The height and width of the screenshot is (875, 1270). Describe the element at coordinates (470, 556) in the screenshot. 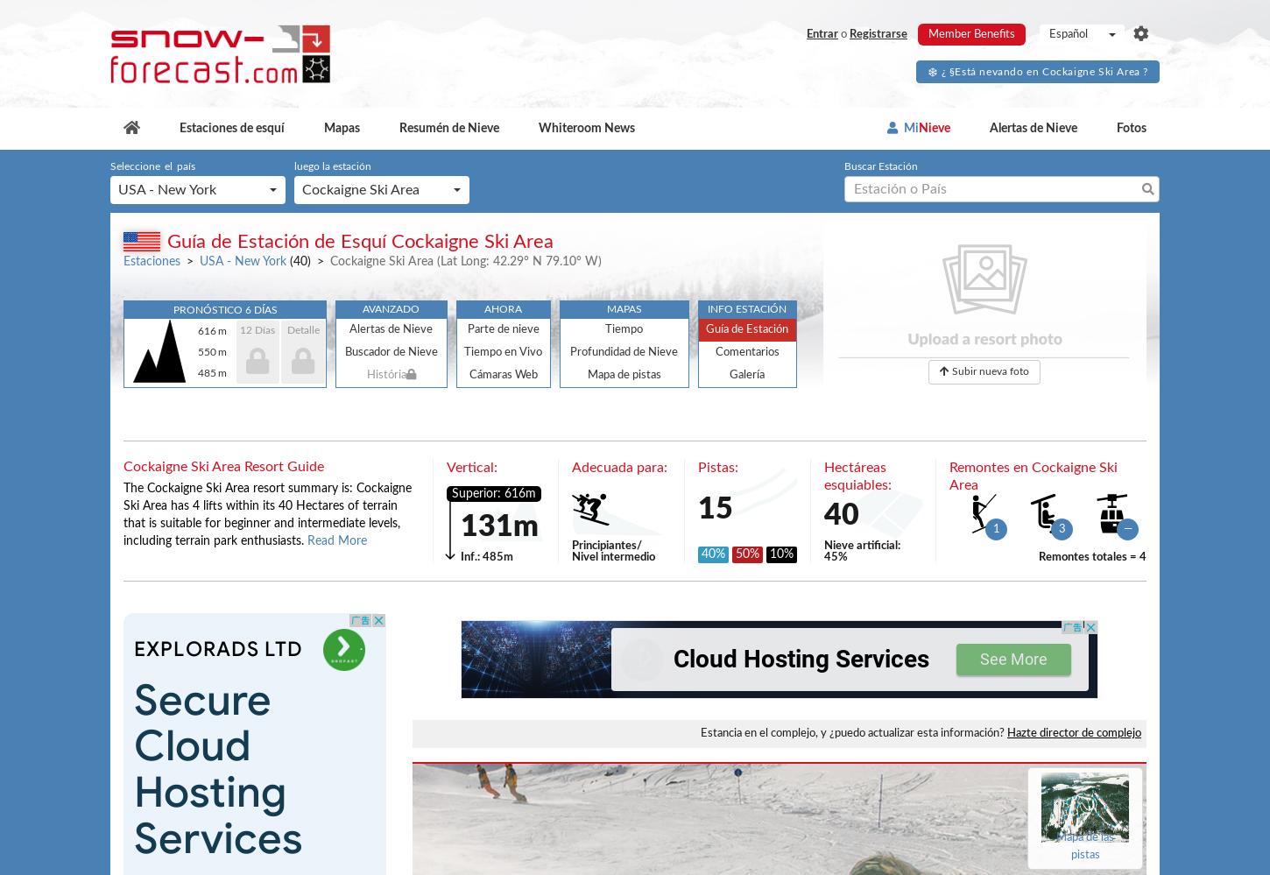

I see `'Inf.:'` at that location.